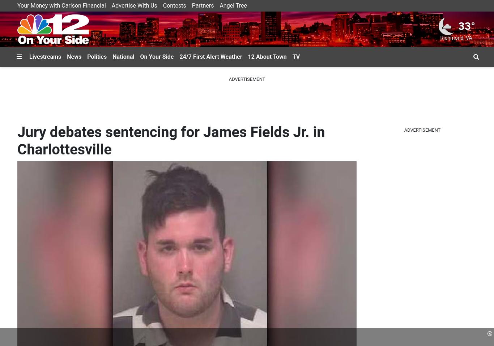 This screenshot has width=494, height=346. What do you see at coordinates (451, 38) in the screenshot?
I see `'Richmond'` at bounding box center [451, 38].